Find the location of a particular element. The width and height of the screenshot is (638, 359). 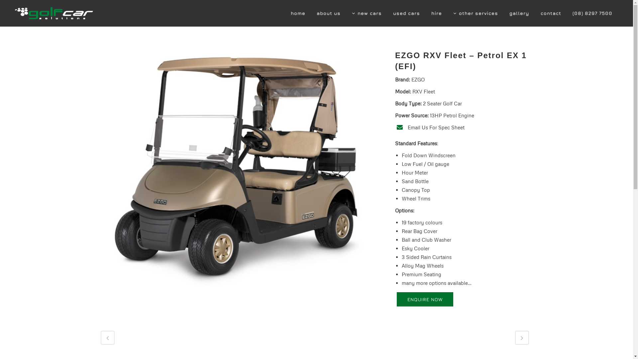

'used cars' is located at coordinates (406, 13).